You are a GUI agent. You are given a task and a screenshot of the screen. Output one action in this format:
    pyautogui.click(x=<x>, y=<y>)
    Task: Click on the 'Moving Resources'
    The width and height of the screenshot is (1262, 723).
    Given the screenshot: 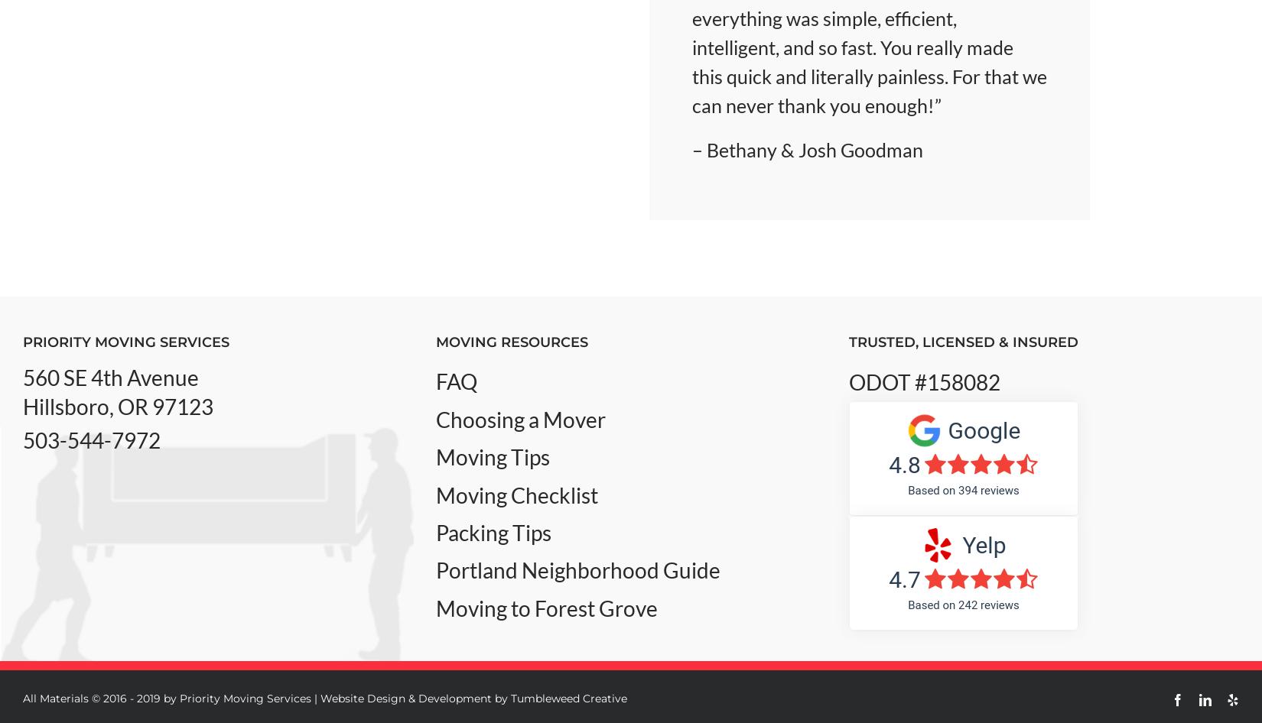 What is the action you would take?
    pyautogui.click(x=510, y=342)
    